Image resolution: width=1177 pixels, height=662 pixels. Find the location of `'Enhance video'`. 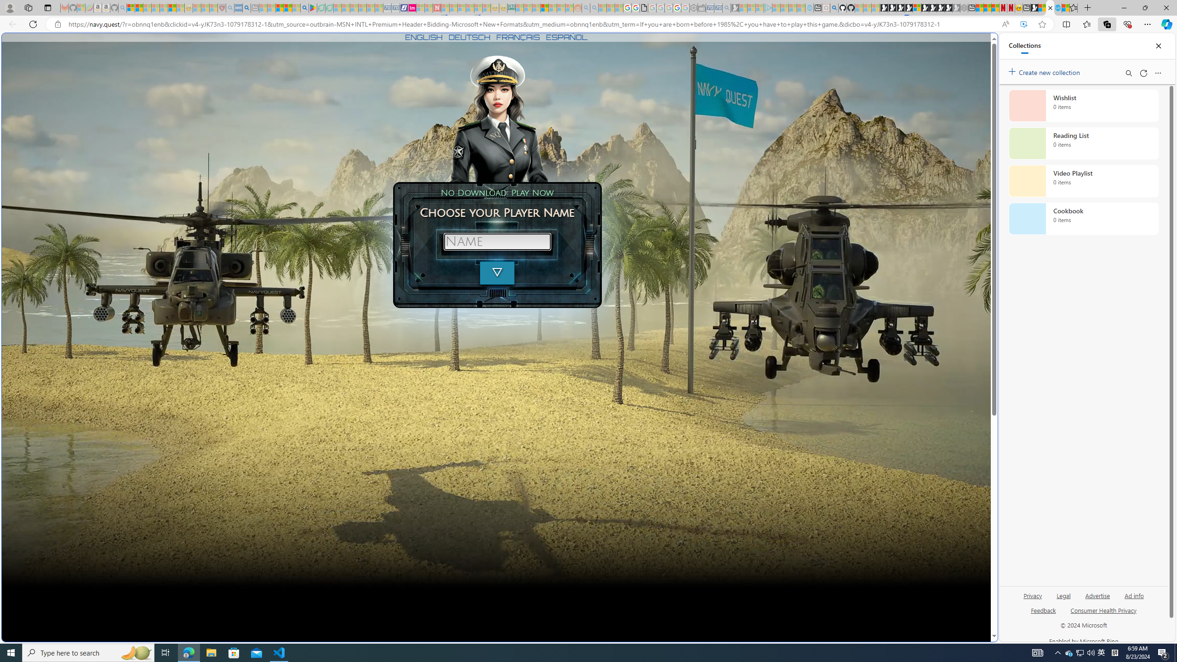

'Enhance video' is located at coordinates (1023, 24).